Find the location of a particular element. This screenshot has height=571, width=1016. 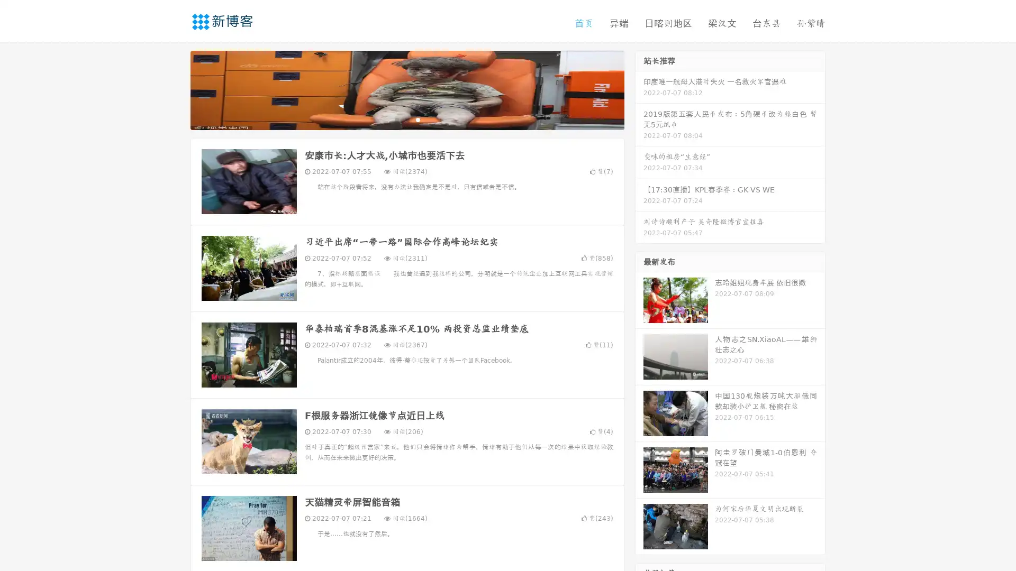

Go to slide 1 is located at coordinates (396, 119).